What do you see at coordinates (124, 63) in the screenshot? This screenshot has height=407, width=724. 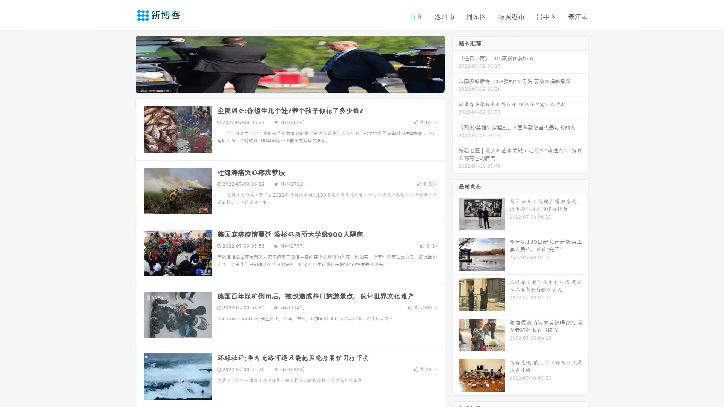 I see `Previous slide` at bounding box center [124, 63].